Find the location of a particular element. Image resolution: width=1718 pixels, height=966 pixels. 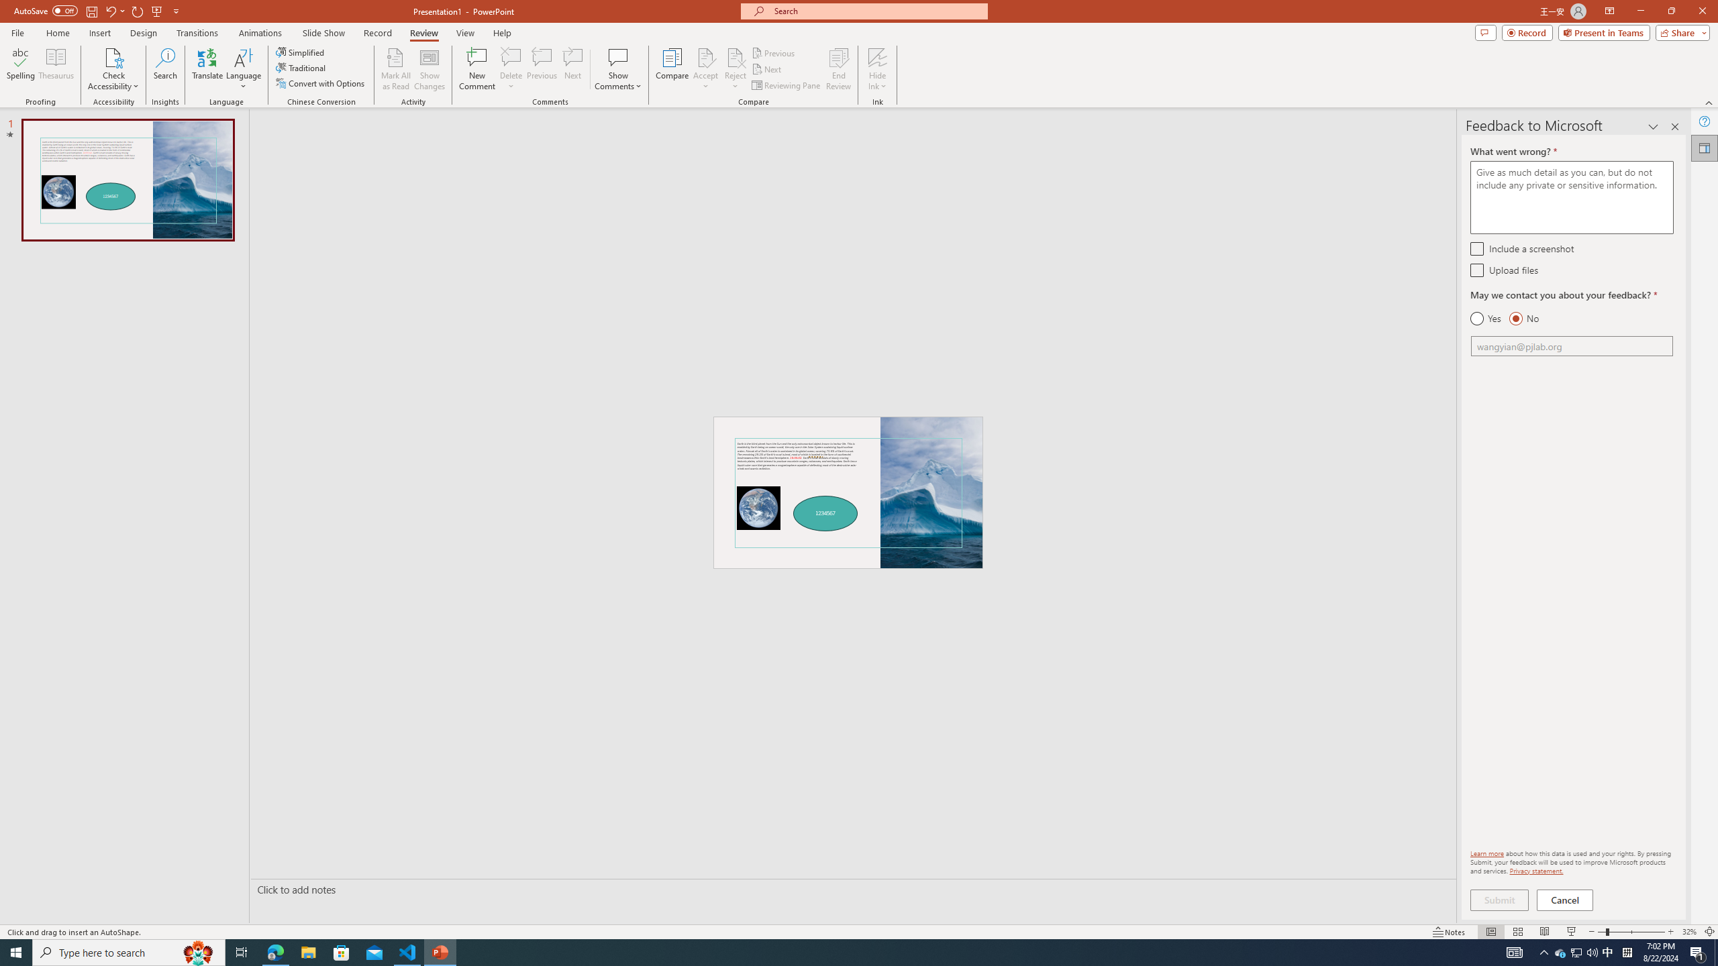

'Email' is located at coordinates (1571, 346).